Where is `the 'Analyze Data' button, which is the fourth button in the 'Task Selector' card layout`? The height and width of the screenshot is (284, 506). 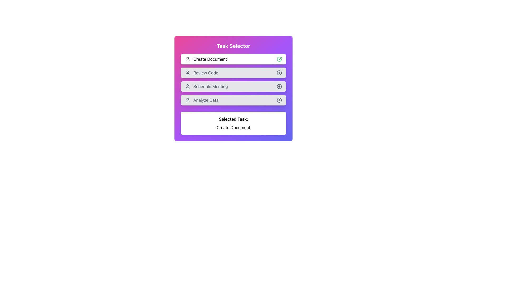
the 'Analyze Data' button, which is the fourth button in the 'Task Selector' card layout is located at coordinates (233, 100).